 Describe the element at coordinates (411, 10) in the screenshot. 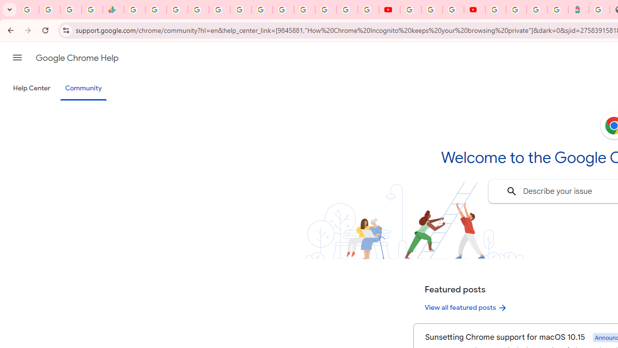

I see `'YouTube'` at that location.